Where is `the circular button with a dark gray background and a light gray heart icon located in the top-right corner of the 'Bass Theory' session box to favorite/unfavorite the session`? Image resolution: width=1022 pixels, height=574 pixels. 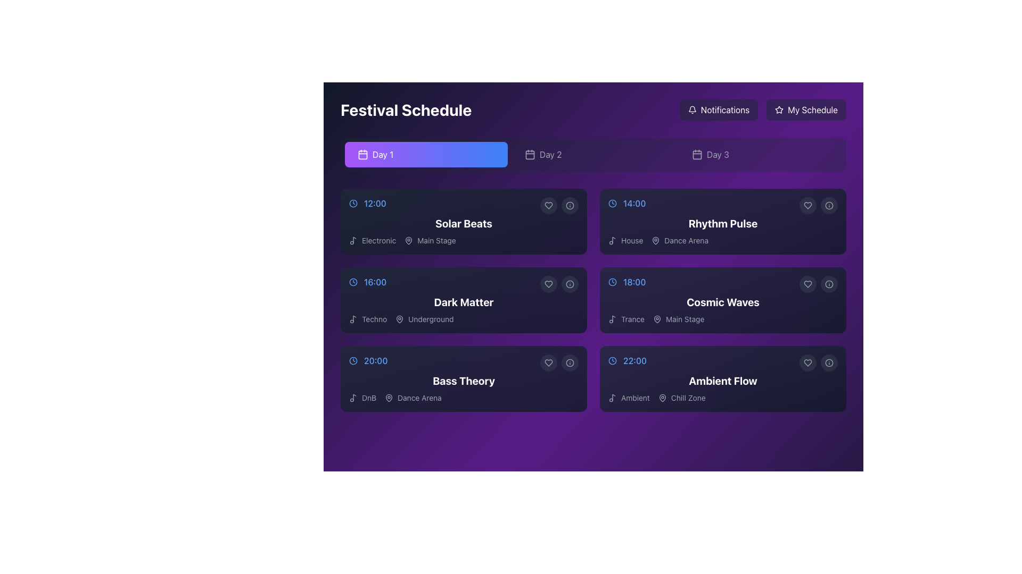
the circular button with a dark gray background and a light gray heart icon located in the top-right corner of the 'Bass Theory' session box to favorite/unfavorite the session is located at coordinates (549, 362).